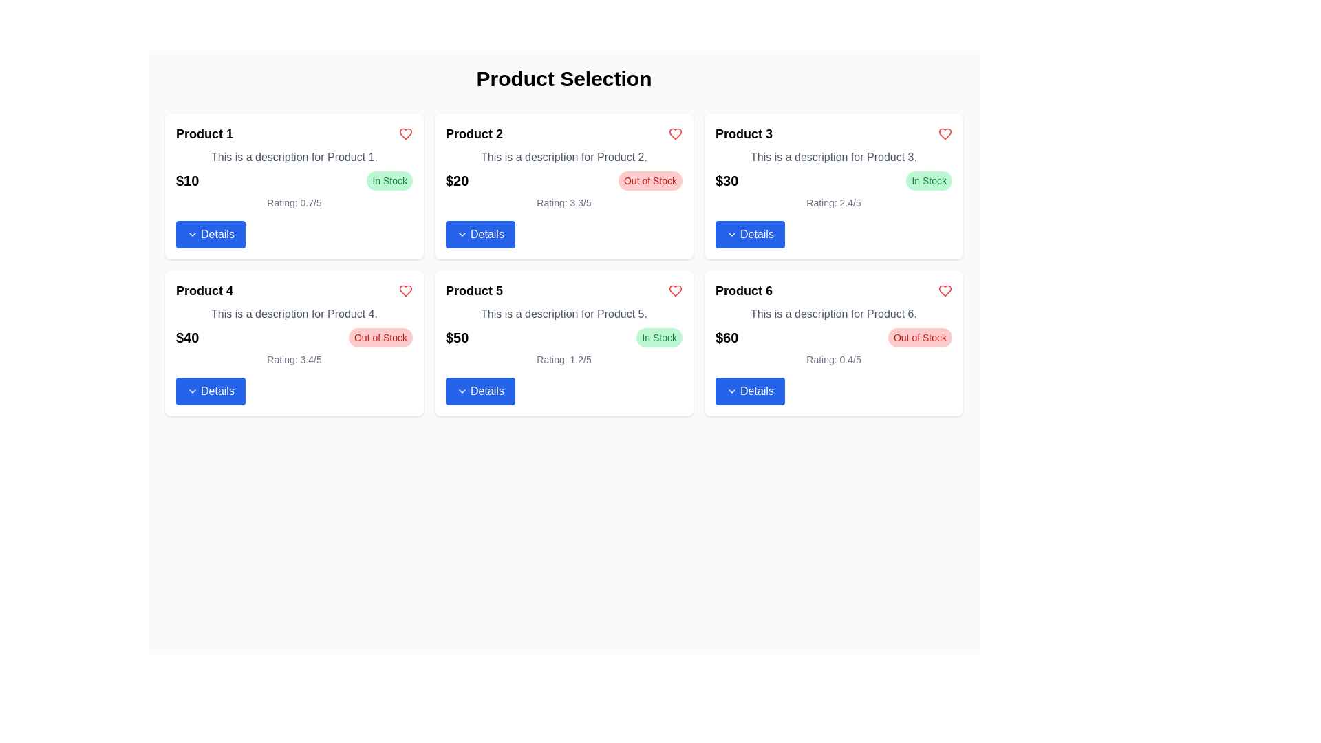 This screenshot has width=1321, height=743. I want to click on the 'In Stock' status badge displayed in a green rounded rectangular badge located within the card titled 'Product 3', adjacent to the $30 price tag, so click(929, 180).